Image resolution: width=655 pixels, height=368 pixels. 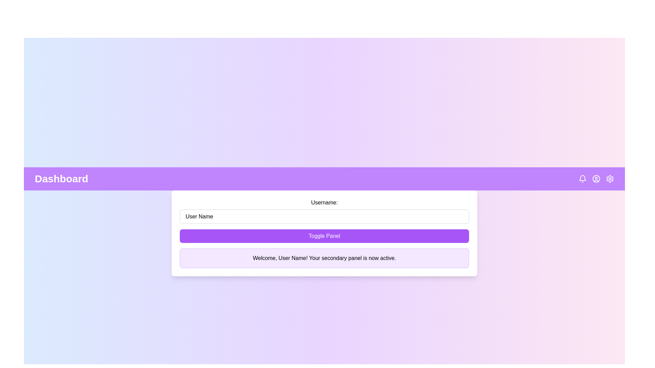 What do you see at coordinates (582, 178) in the screenshot?
I see `the notification bell icon button located in the navigation bar` at bounding box center [582, 178].